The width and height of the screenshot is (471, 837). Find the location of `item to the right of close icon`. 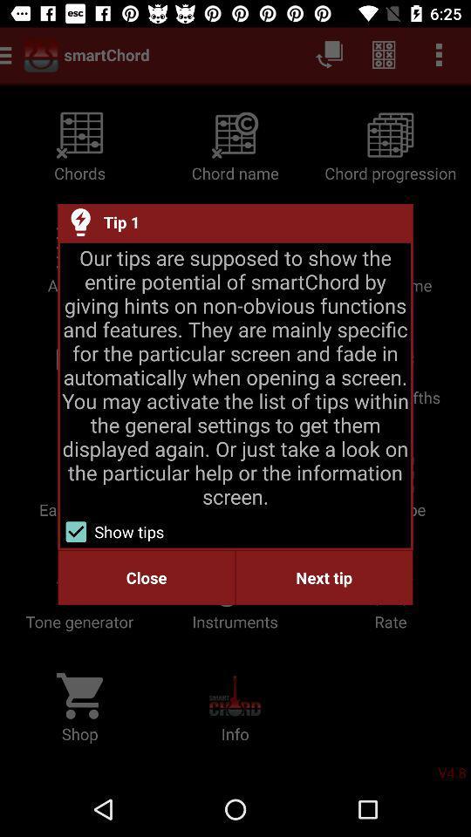

item to the right of close icon is located at coordinates (323, 577).